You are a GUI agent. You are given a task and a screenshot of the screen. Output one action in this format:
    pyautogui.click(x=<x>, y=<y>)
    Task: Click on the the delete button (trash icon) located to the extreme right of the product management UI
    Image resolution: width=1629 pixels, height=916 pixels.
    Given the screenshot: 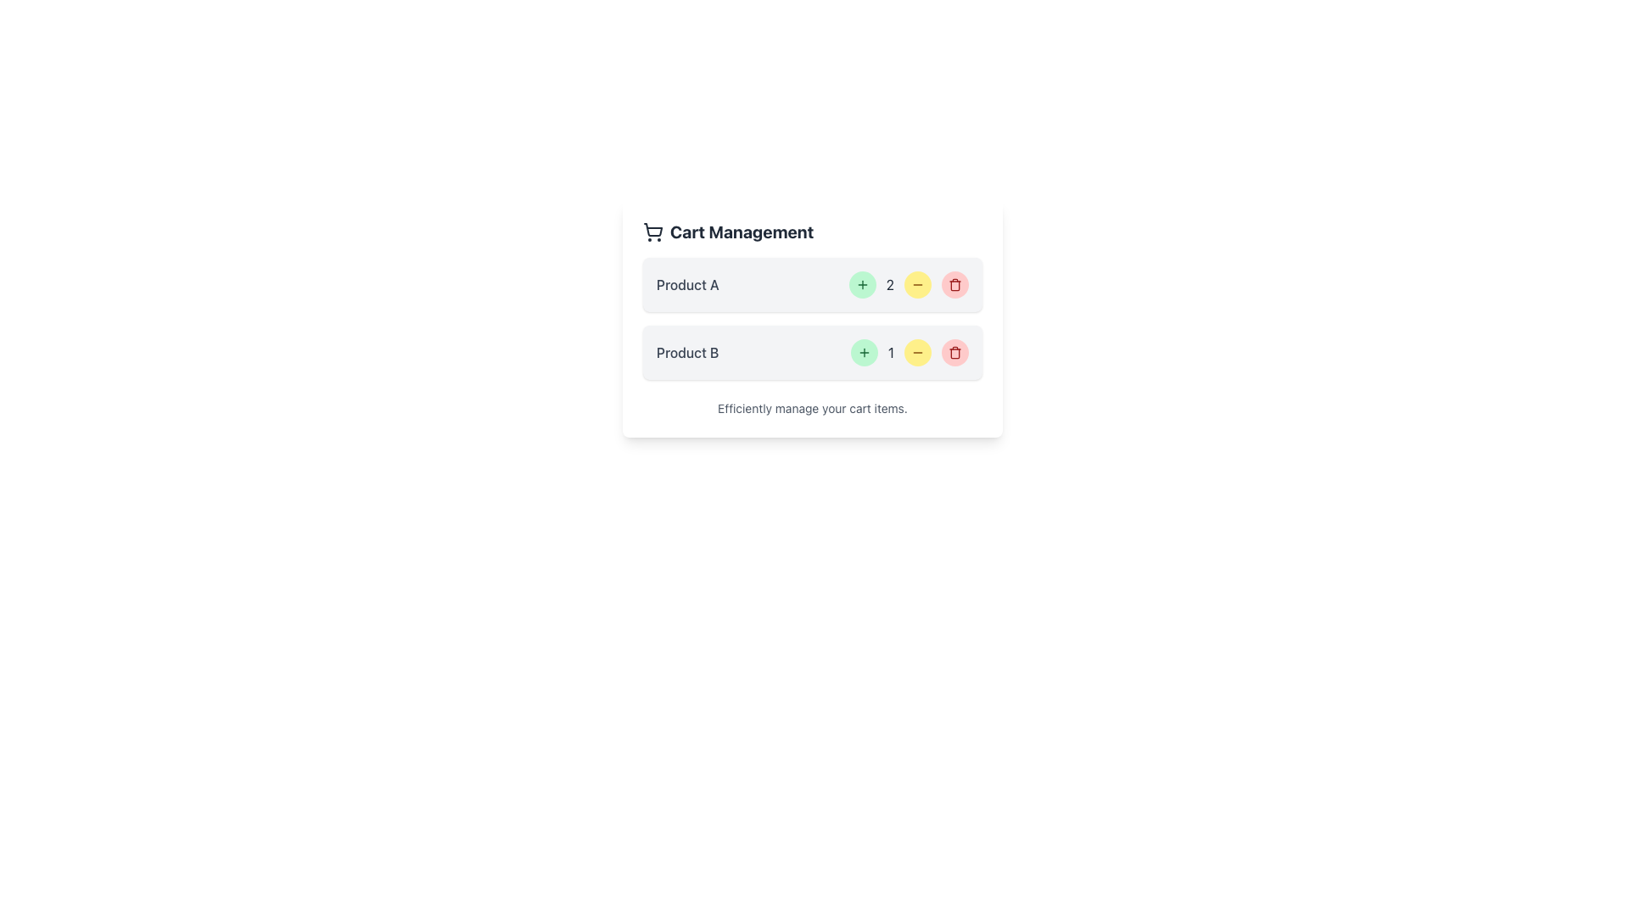 What is the action you would take?
    pyautogui.click(x=955, y=352)
    